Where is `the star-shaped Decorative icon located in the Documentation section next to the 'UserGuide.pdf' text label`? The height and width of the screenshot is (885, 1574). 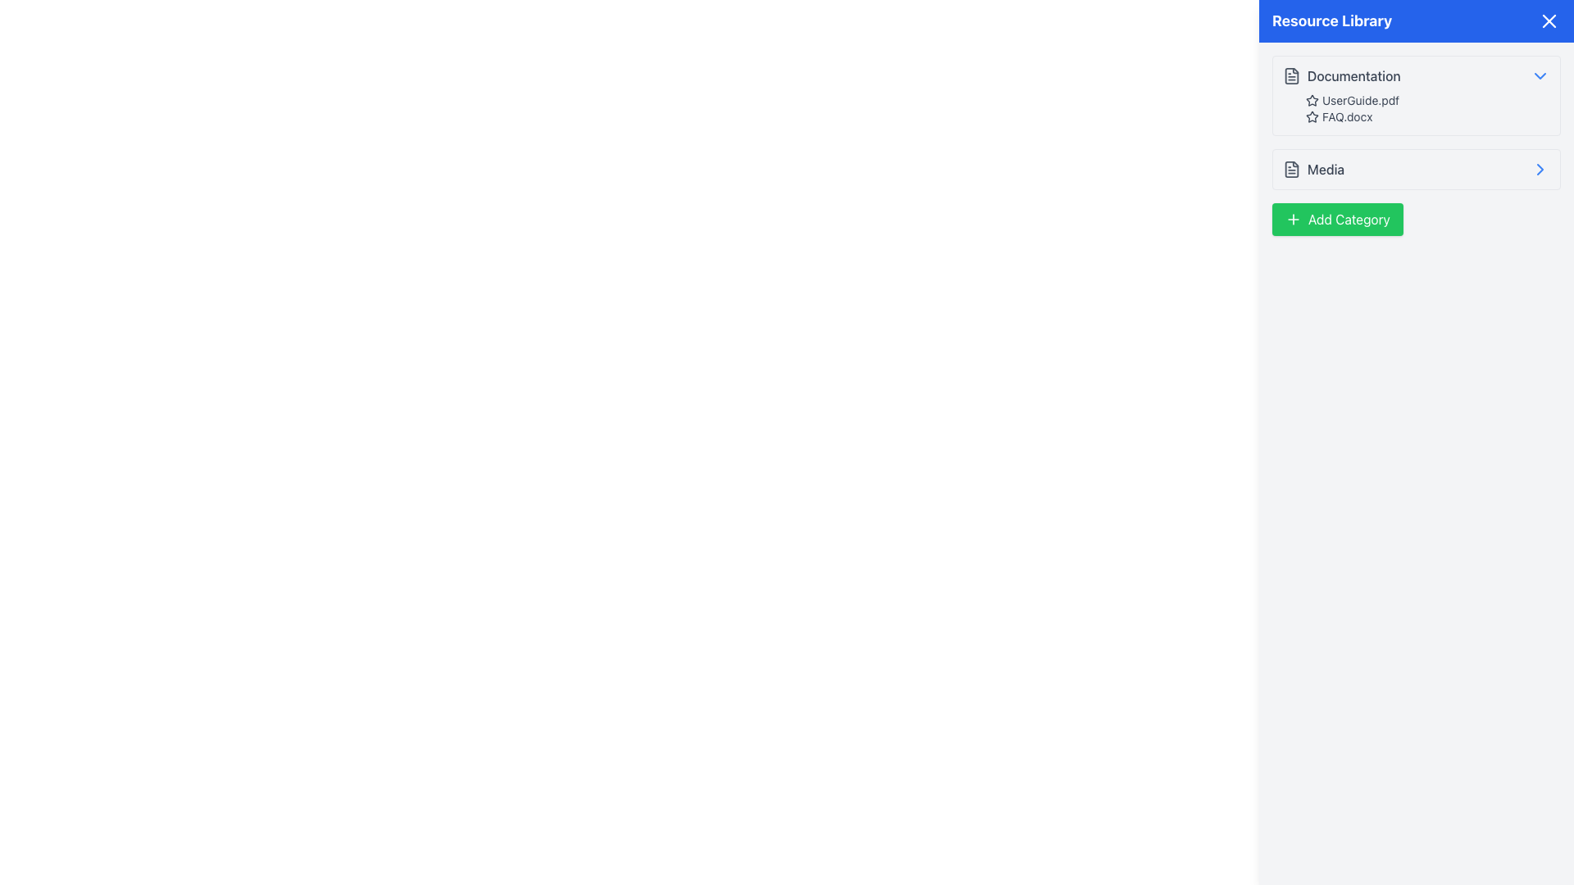
the star-shaped Decorative icon located in the Documentation section next to the 'UserGuide.pdf' text label is located at coordinates (1312, 116).